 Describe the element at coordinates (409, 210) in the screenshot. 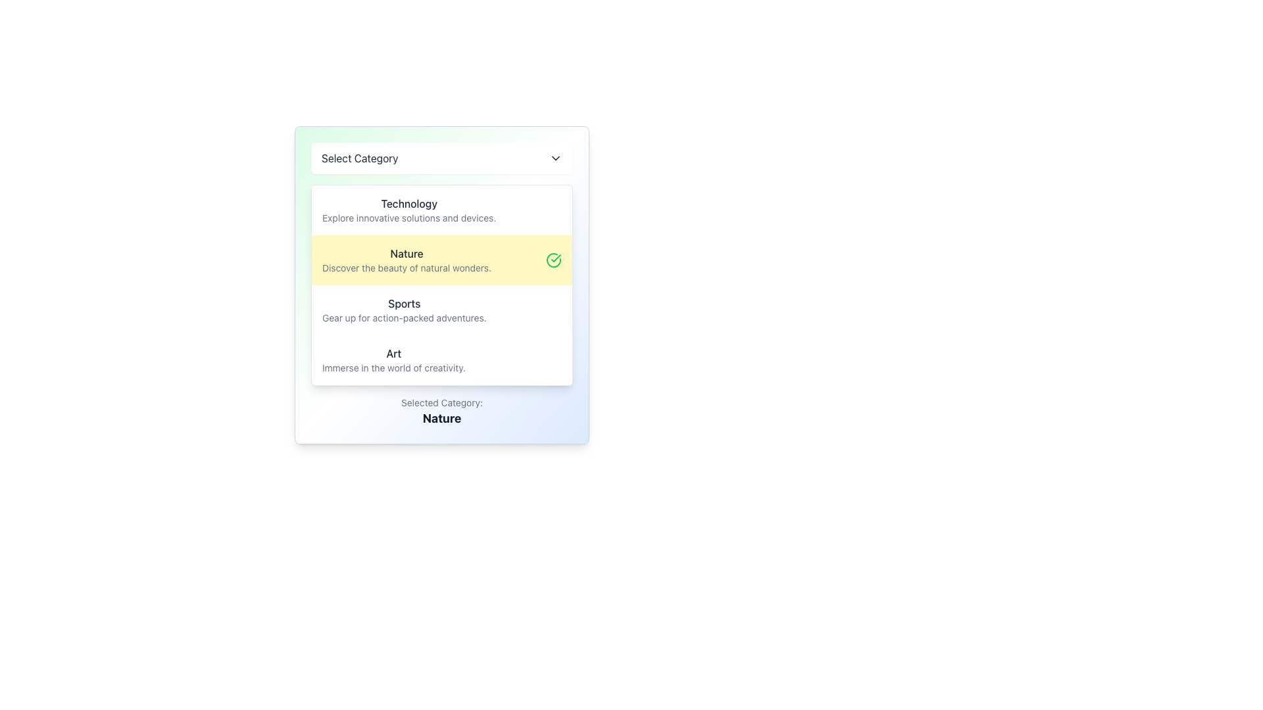

I see `the 'Technology' category option in the dropdown menu` at that location.